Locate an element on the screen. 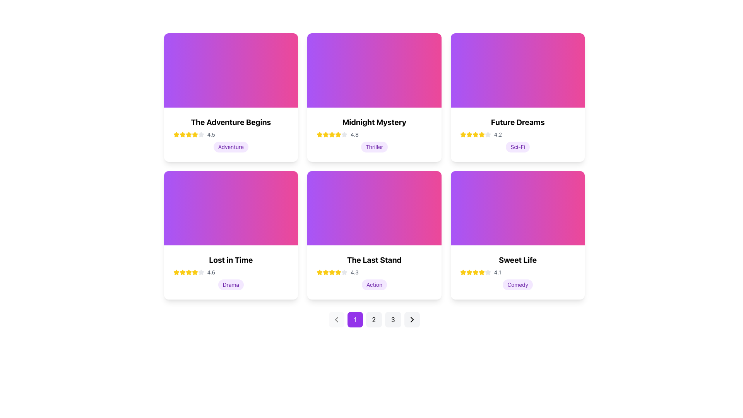  the media card displaying information about a media item located in the second row, first column of the grid layout is located at coordinates (230, 272).